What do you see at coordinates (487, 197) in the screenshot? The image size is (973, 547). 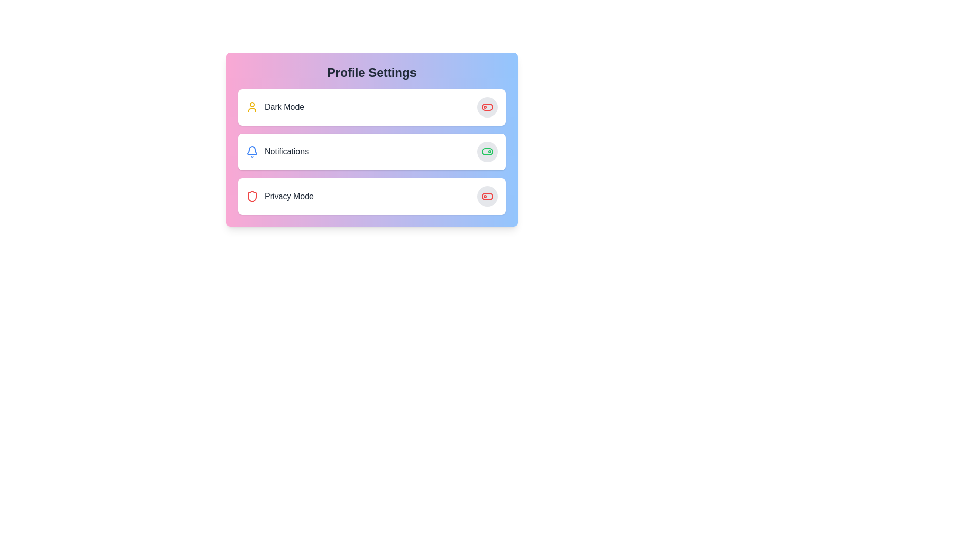 I see `the 'Privacy Mode' toggle switch` at bounding box center [487, 197].